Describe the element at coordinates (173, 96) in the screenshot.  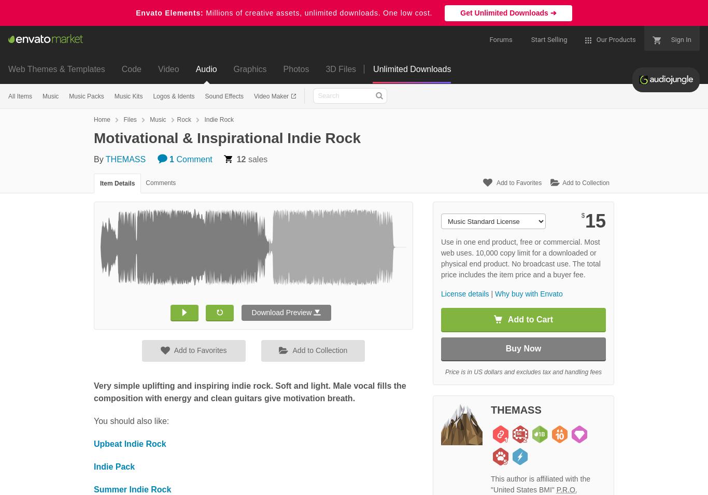
I see `'Logos & Idents'` at that location.